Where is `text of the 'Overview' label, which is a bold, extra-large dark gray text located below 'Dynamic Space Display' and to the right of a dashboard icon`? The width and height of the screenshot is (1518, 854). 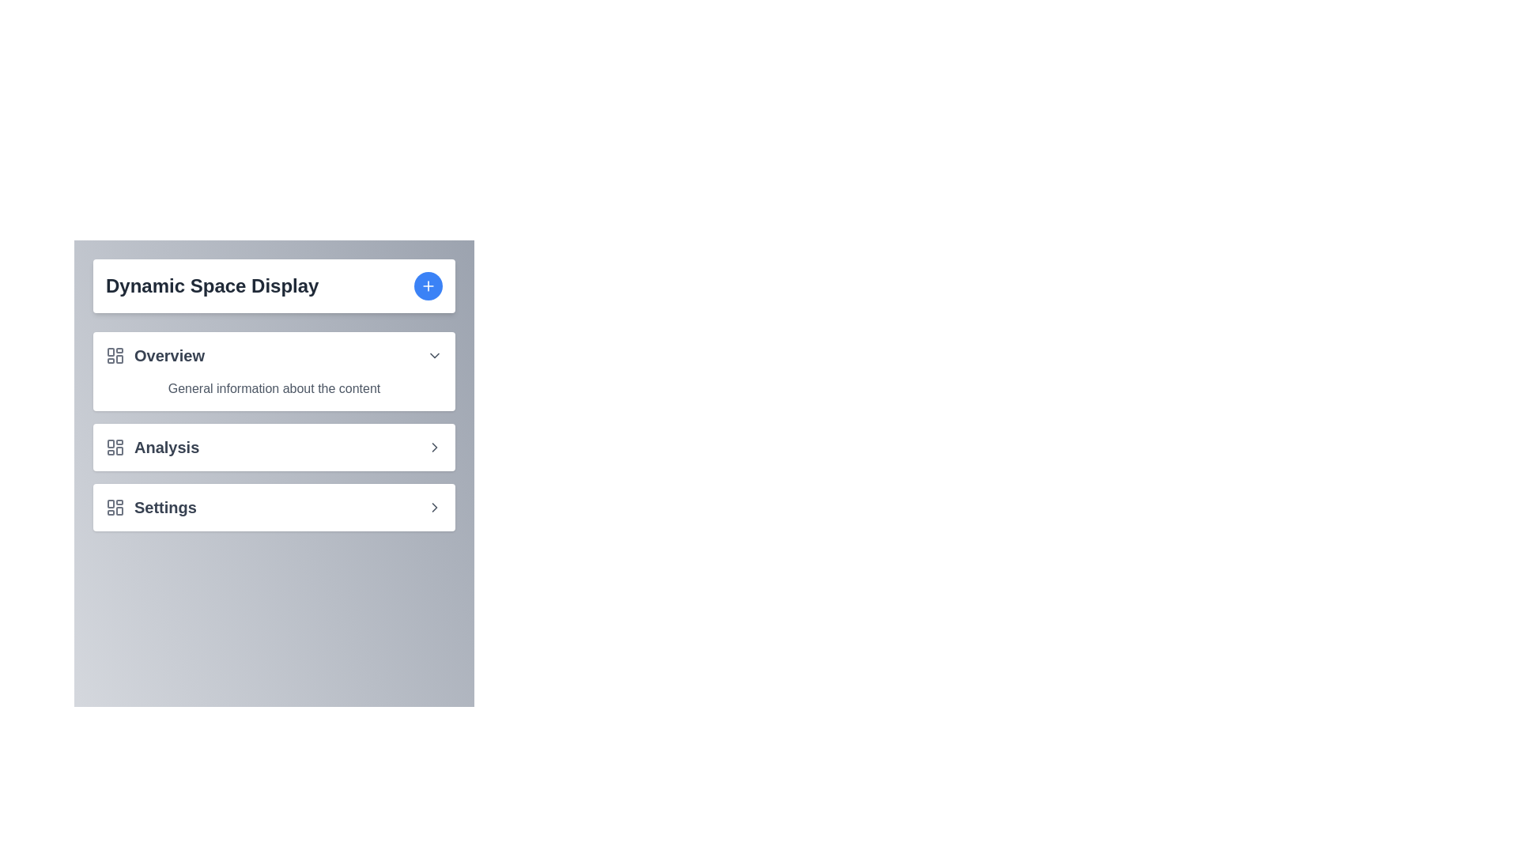 text of the 'Overview' label, which is a bold, extra-large dark gray text located below 'Dynamic Space Display' and to the right of a dashboard icon is located at coordinates (169, 356).